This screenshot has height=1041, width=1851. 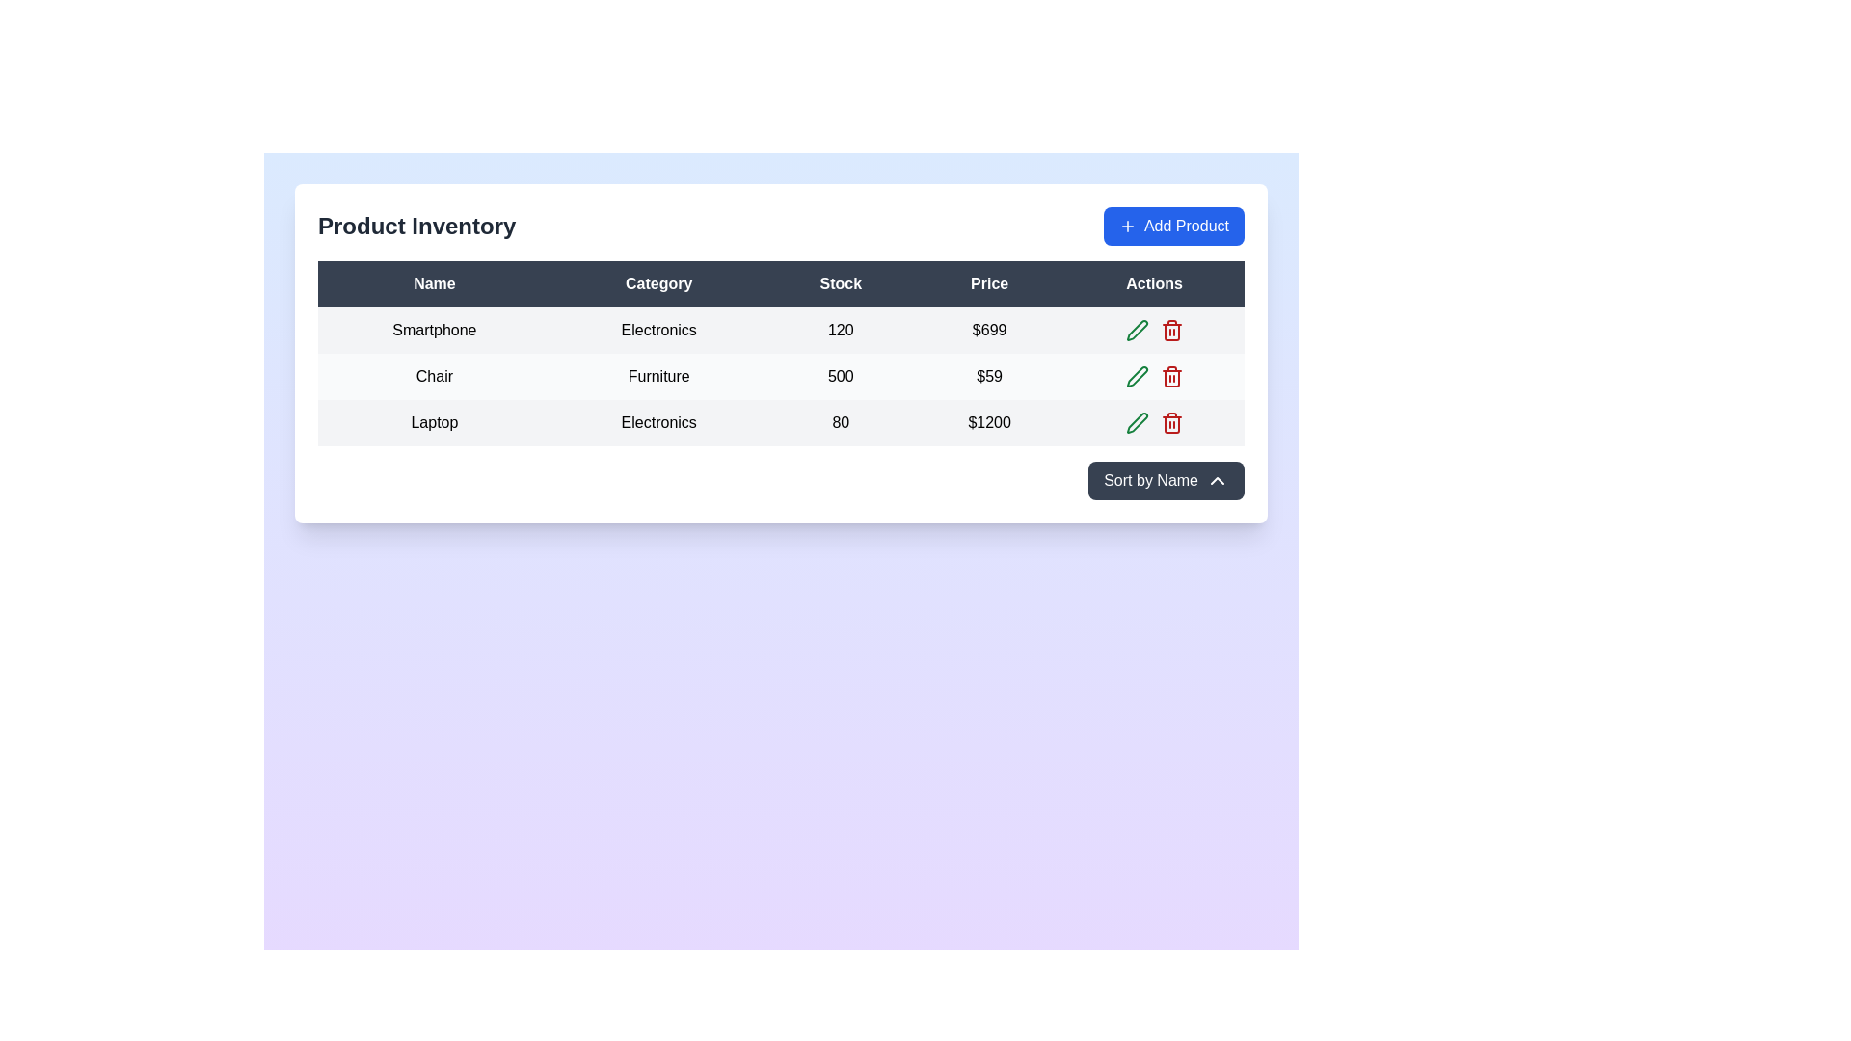 I want to click on the green pencil icon in the 'Actions' column of the 'Smartphone' row to enter edit mode, so click(x=1137, y=330).